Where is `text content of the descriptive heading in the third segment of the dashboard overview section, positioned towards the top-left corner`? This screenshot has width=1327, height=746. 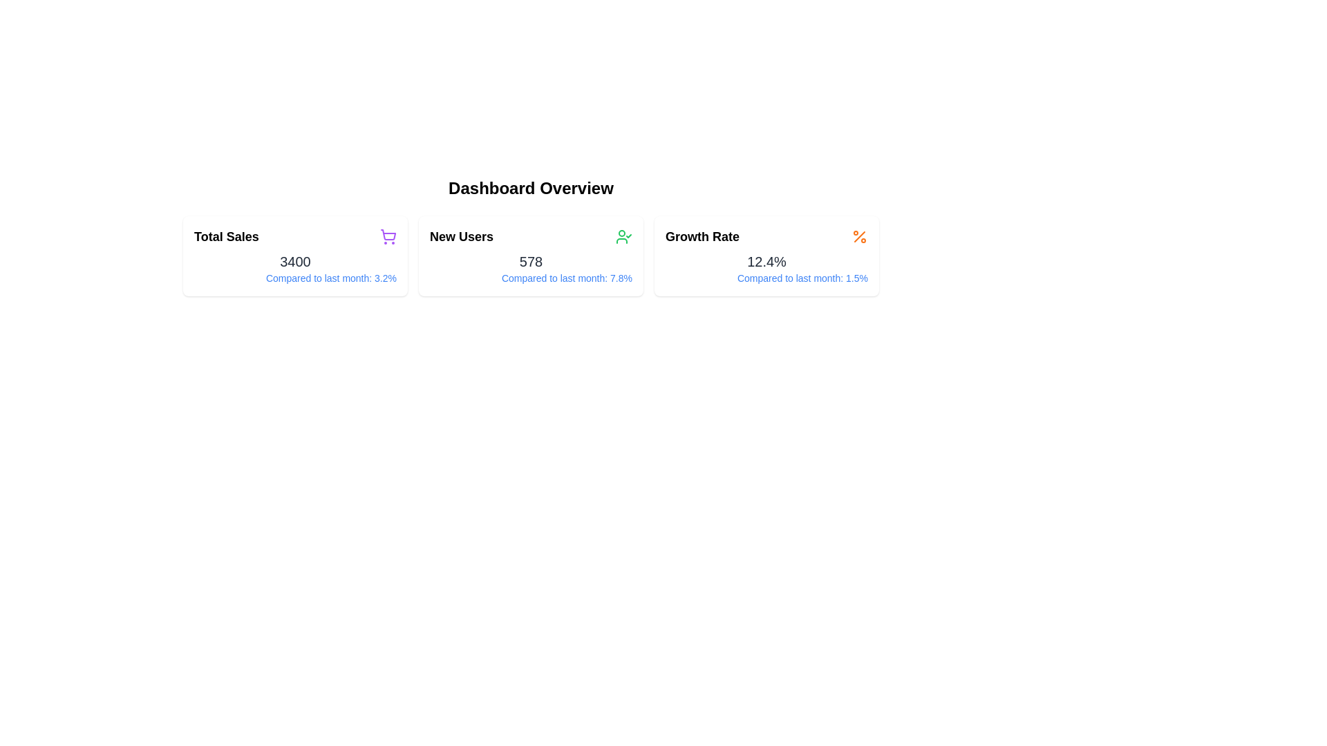
text content of the descriptive heading in the third segment of the dashboard overview section, positioned towards the top-left corner is located at coordinates (702, 236).